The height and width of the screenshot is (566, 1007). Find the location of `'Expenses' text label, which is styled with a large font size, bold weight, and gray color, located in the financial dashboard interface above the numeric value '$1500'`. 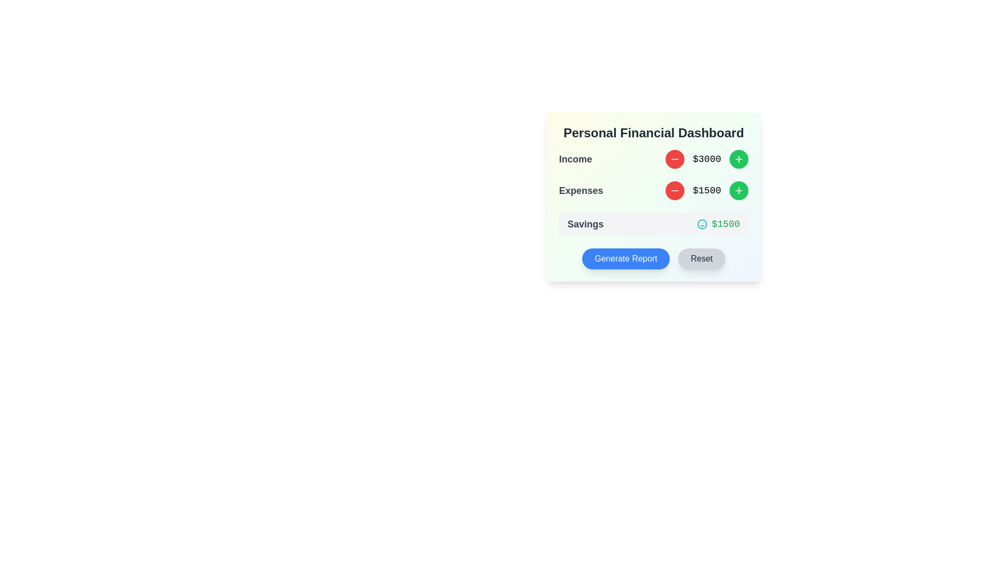

'Expenses' text label, which is styled with a large font size, bold weight, and gray color, located in the financial dashboard interface above the numeric value '$1500' is located at coordinates (581, 190).